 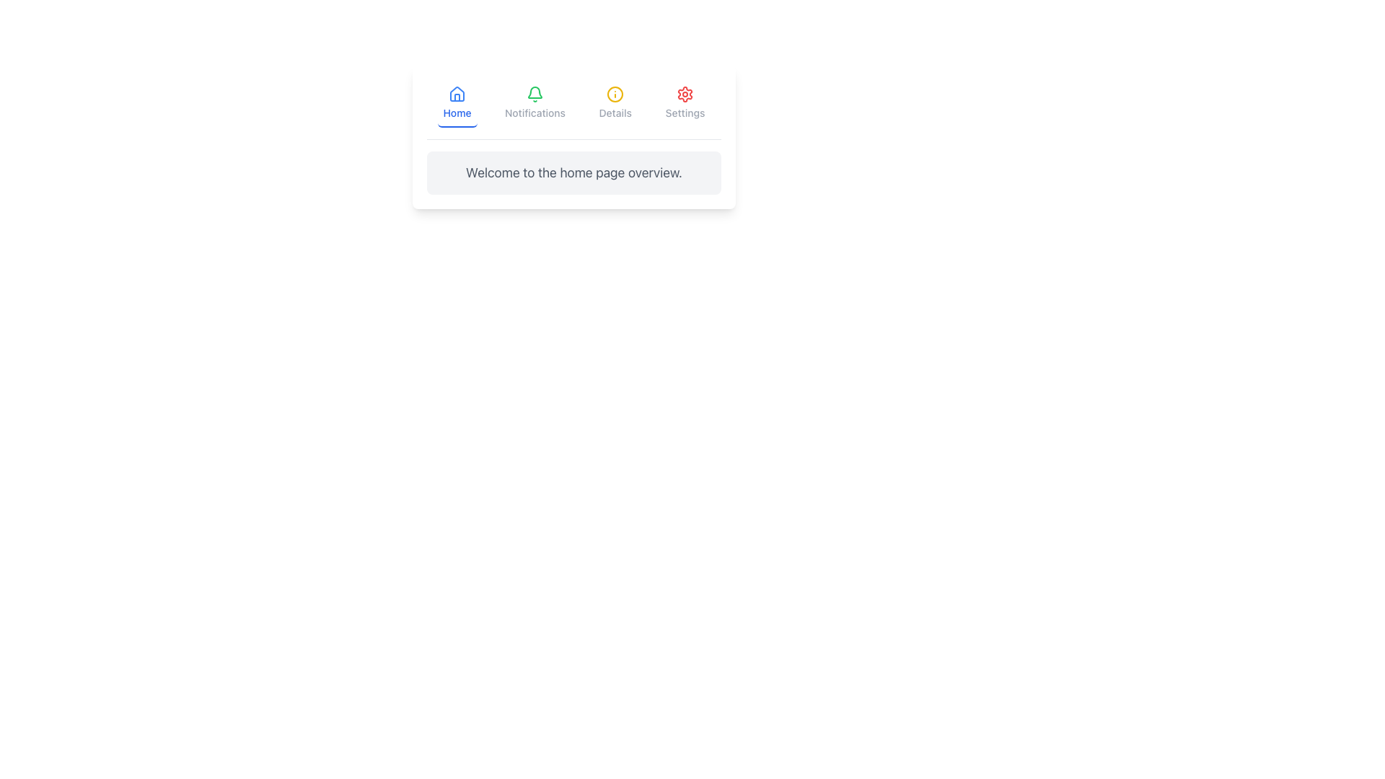 I want to click on the lower portion of the bell icon, which represents the notification feature, so click(x=535, y=92).